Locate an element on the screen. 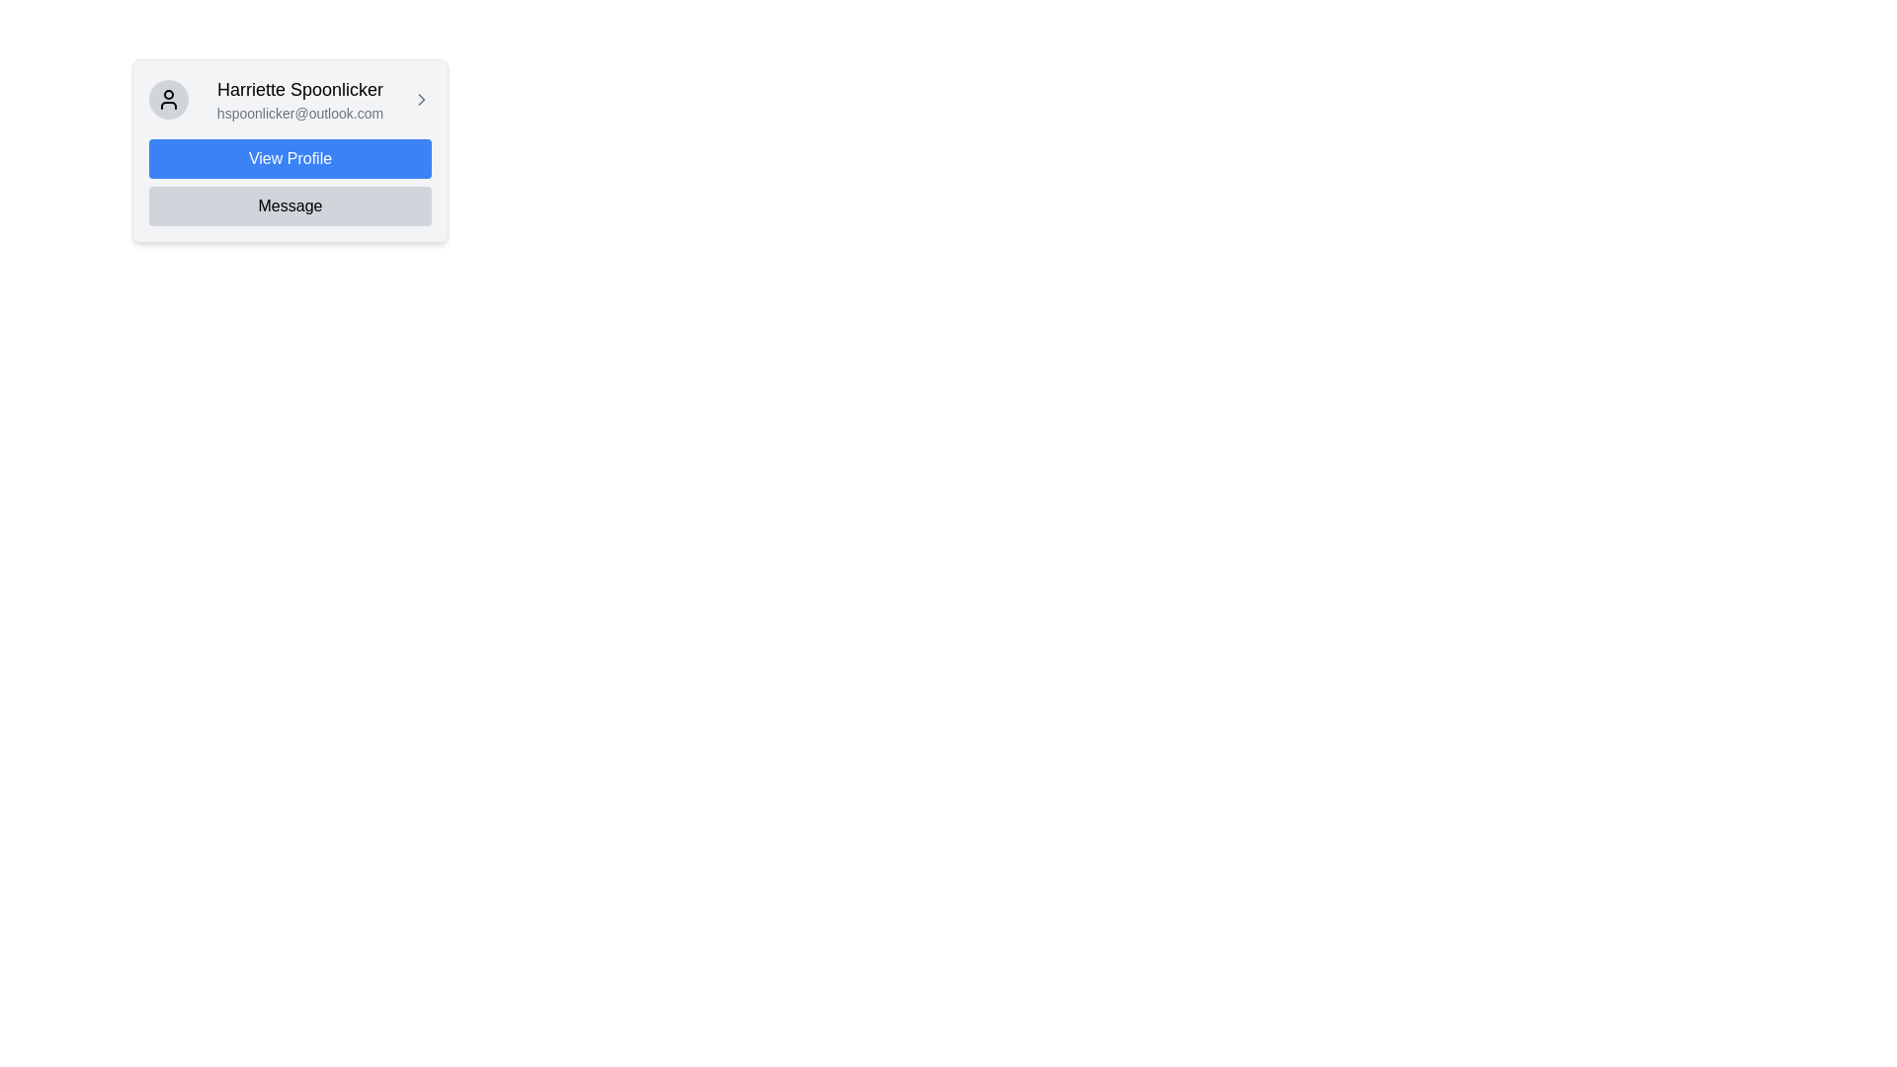 The width and height of the screenshot is (1897, 1067). the first button element located centrally below the user's name and email, which opens a context menu for navigation to the profile view is located at coordinates (289, 150).